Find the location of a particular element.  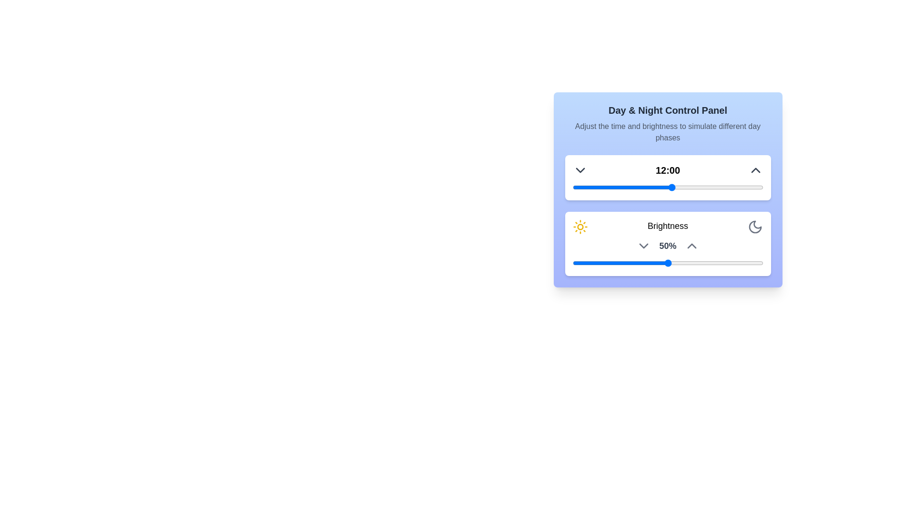

the dropdown toggle chevron icon located on the left-hand side of the time display '12:00' is located at coordinates (579, 170).